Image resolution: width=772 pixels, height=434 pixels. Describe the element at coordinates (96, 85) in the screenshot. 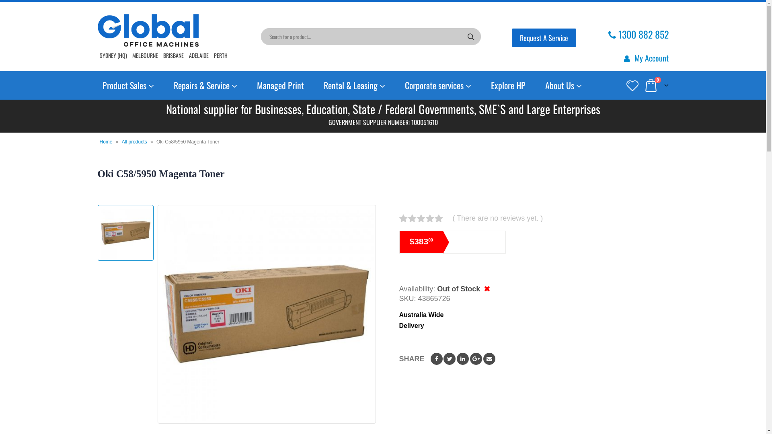

I see `'Product Sales'` at that location.